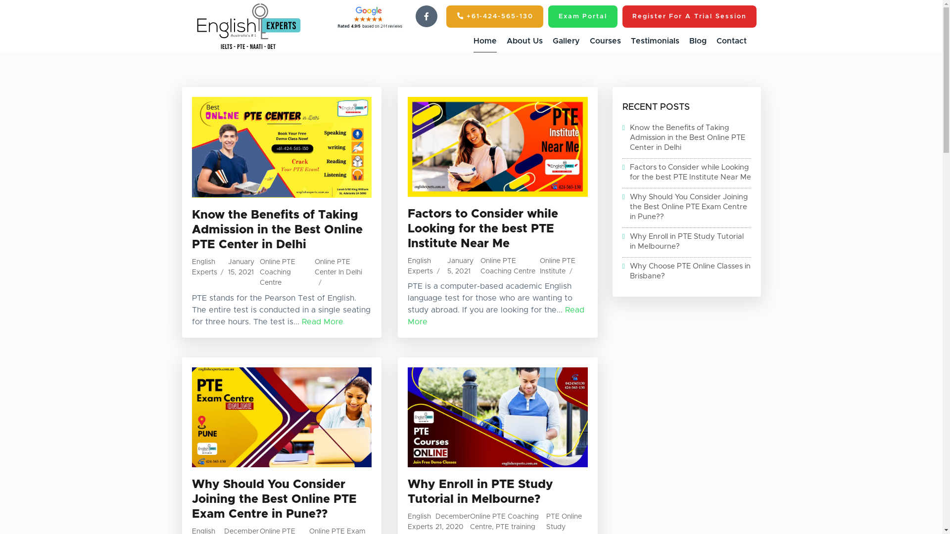 The image size is (950, 534). What do you see at coordinates (558, 266) in the screenshot?
I see `'Online PTE Institute'` at bounding box center [558, 266].